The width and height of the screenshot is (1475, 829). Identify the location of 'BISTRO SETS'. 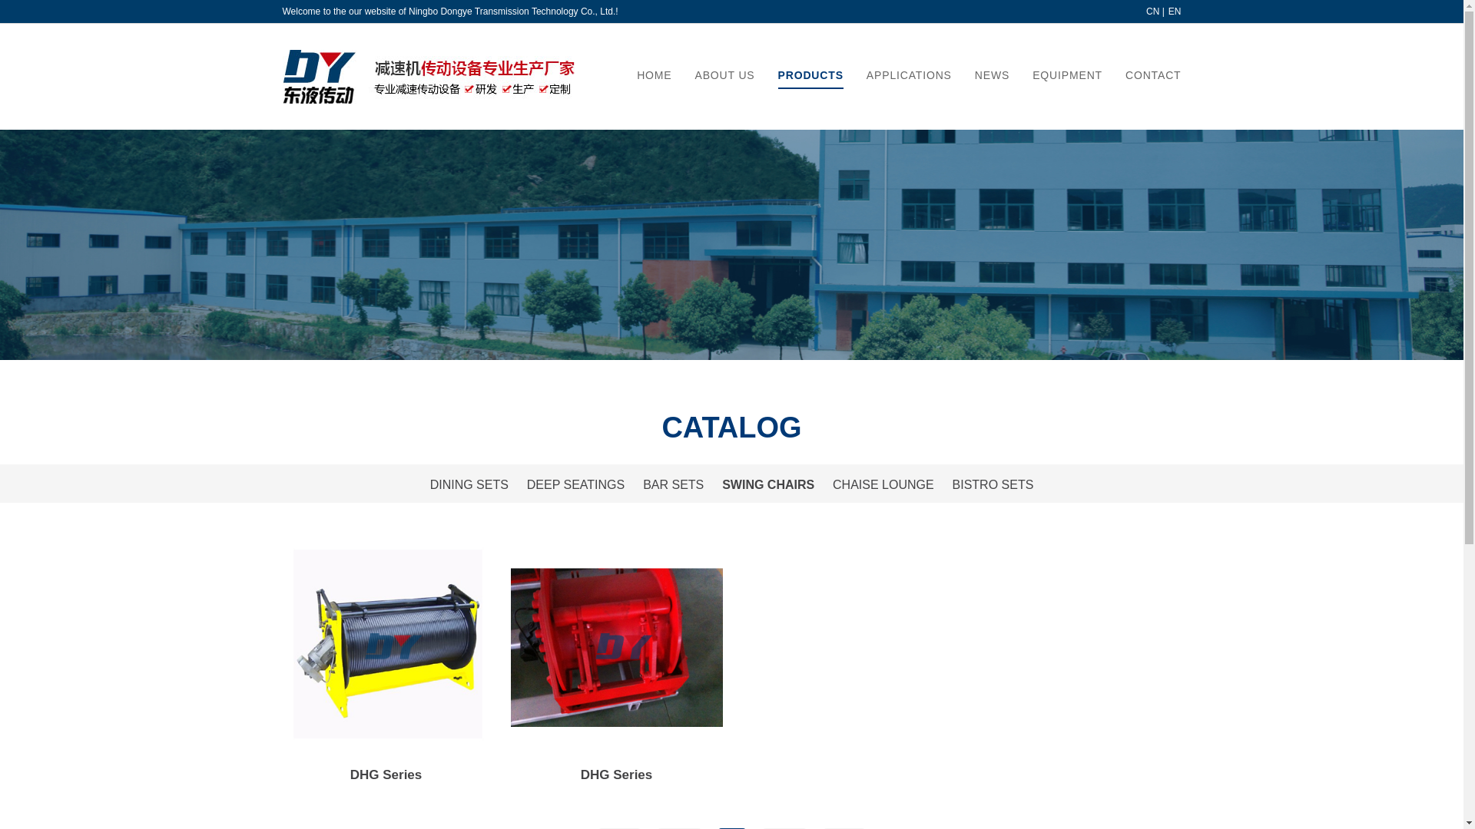
(993, 484).